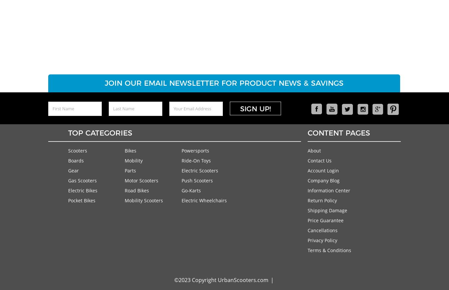 This screenshot has height=290, width=449. I want to click on 'Twitter', so click(349, 124).